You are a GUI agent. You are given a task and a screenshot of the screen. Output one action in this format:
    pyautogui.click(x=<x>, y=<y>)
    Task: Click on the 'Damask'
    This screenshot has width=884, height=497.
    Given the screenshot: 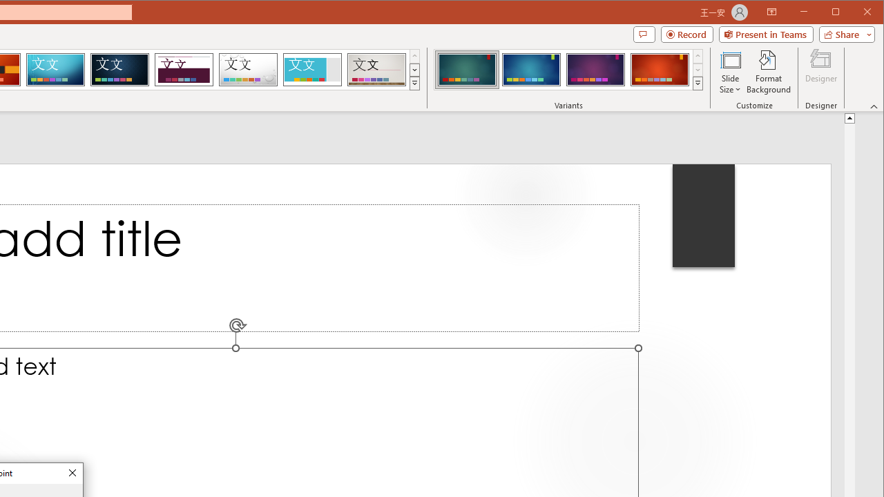 What is the action you would take?
    pyautogui.click(x=119, y=69)
    